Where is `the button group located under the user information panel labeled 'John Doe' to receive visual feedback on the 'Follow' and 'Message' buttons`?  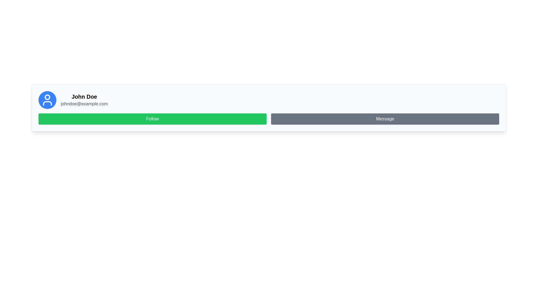
the button group located under the user information panel labeled 'John Doe' to receive visual feedback on the 'Follow' and 'Message' buttons is located at coordinates (269, 119).